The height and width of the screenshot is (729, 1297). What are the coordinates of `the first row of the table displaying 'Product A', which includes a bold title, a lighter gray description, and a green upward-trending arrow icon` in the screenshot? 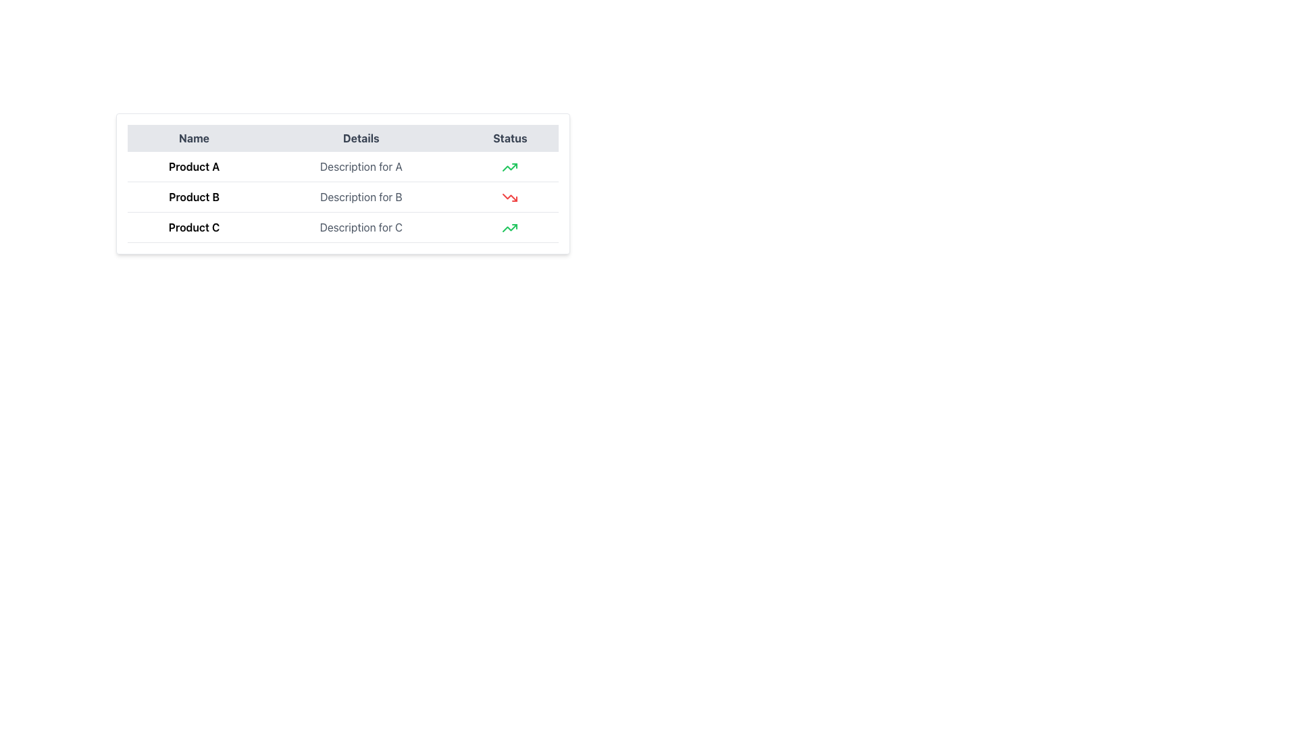 It's located at (343, 165).